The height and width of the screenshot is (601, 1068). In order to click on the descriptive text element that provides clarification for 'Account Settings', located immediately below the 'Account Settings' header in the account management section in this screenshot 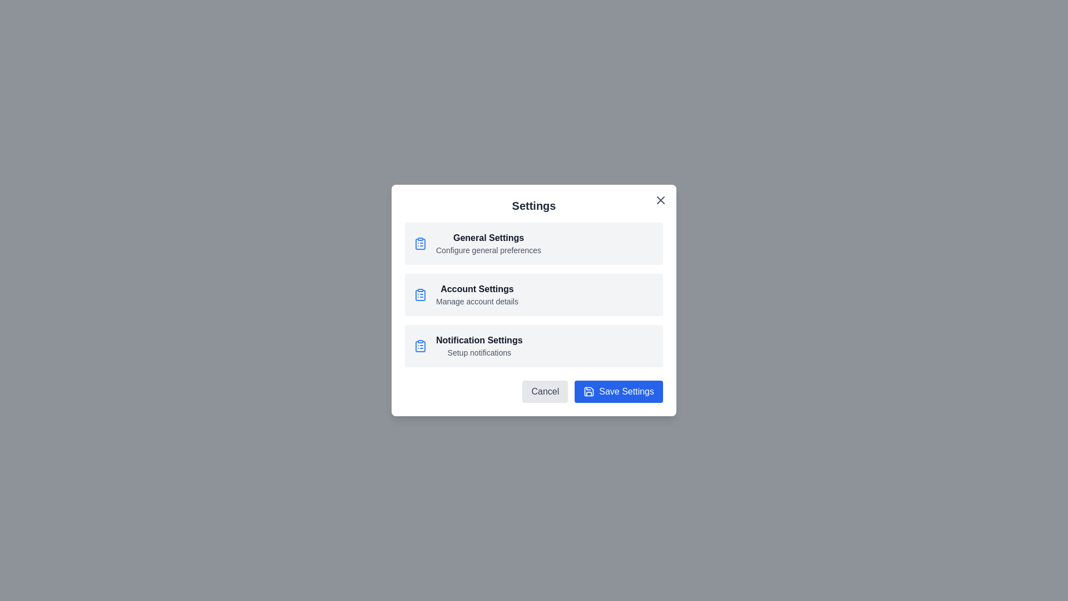, I will do `click(477, 302)`.